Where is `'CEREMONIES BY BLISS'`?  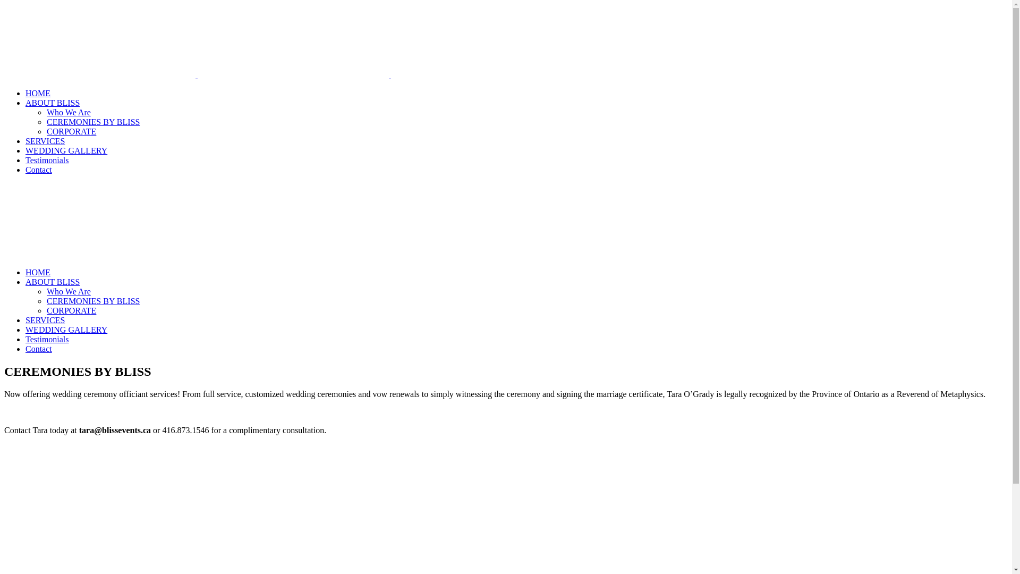
'CEREMONIES BY BLISS' is located at coordinates (46, 121).